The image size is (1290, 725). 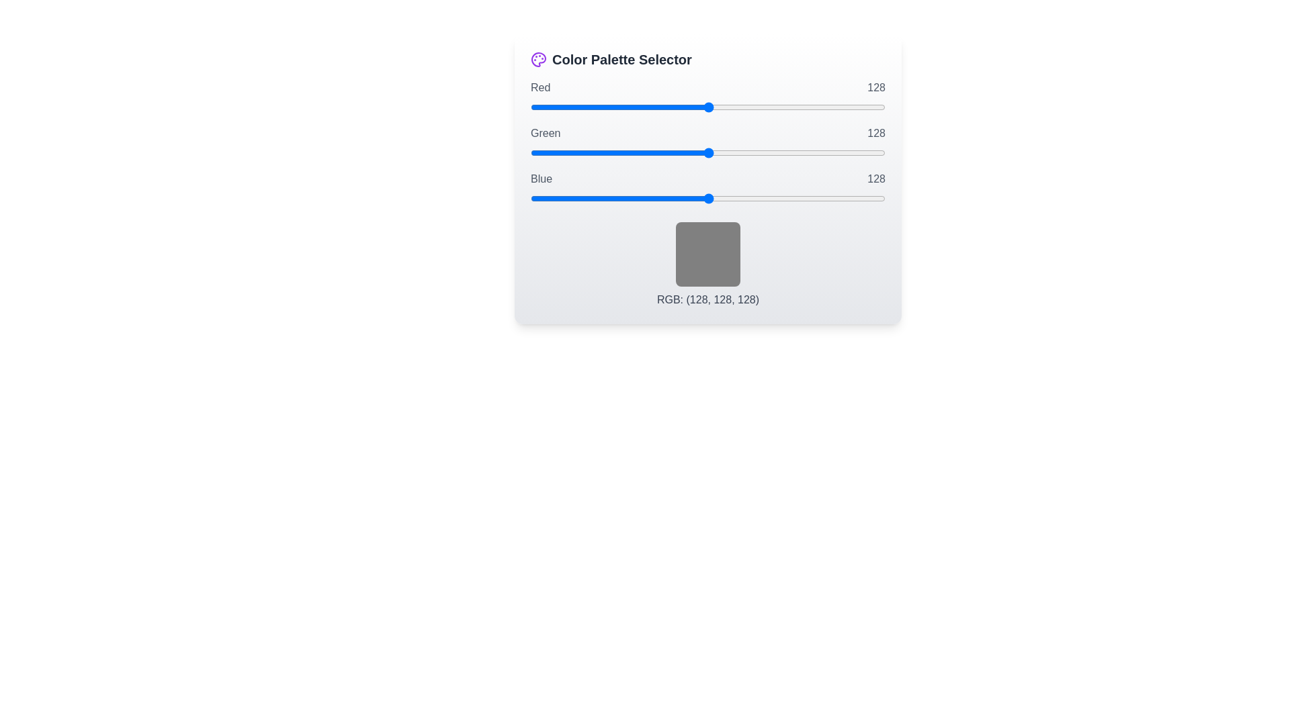 I want to click on the green slider to set its value to 37, so click(x=582, y=152).